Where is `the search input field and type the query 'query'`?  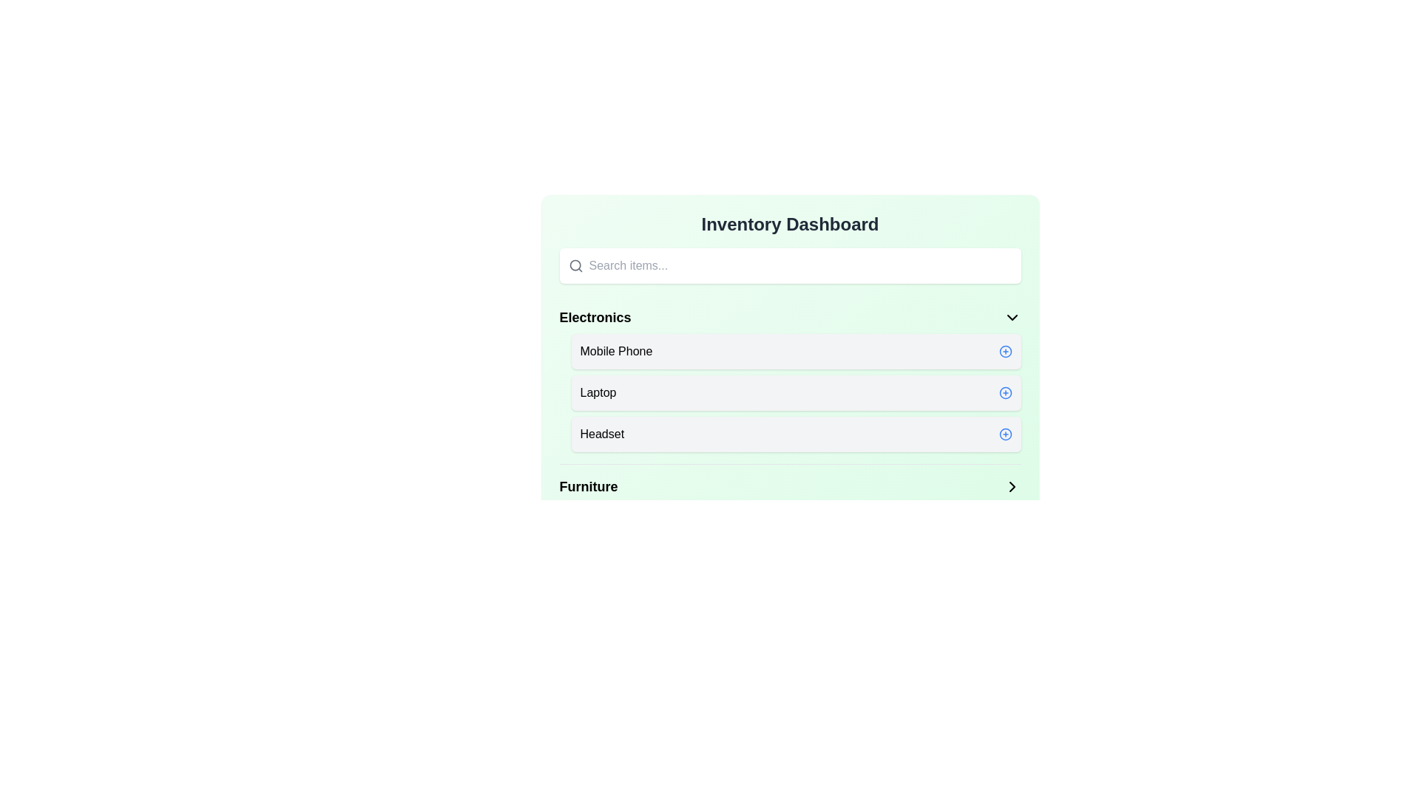 the search input field and type the query 'query' is located at coordinates (799, 265).